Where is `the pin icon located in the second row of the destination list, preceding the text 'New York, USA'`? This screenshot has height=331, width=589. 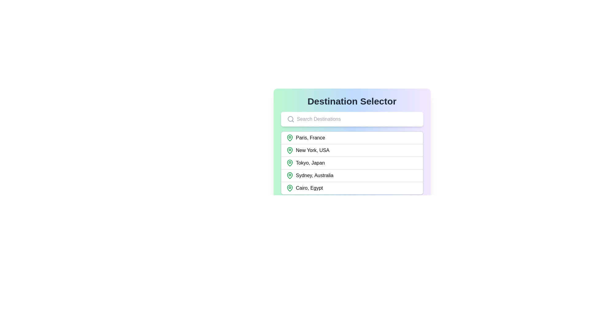
the pin icon located in the second row of the destination list, preceding the text 'New York, USA' is located at coordinates (289, 150).